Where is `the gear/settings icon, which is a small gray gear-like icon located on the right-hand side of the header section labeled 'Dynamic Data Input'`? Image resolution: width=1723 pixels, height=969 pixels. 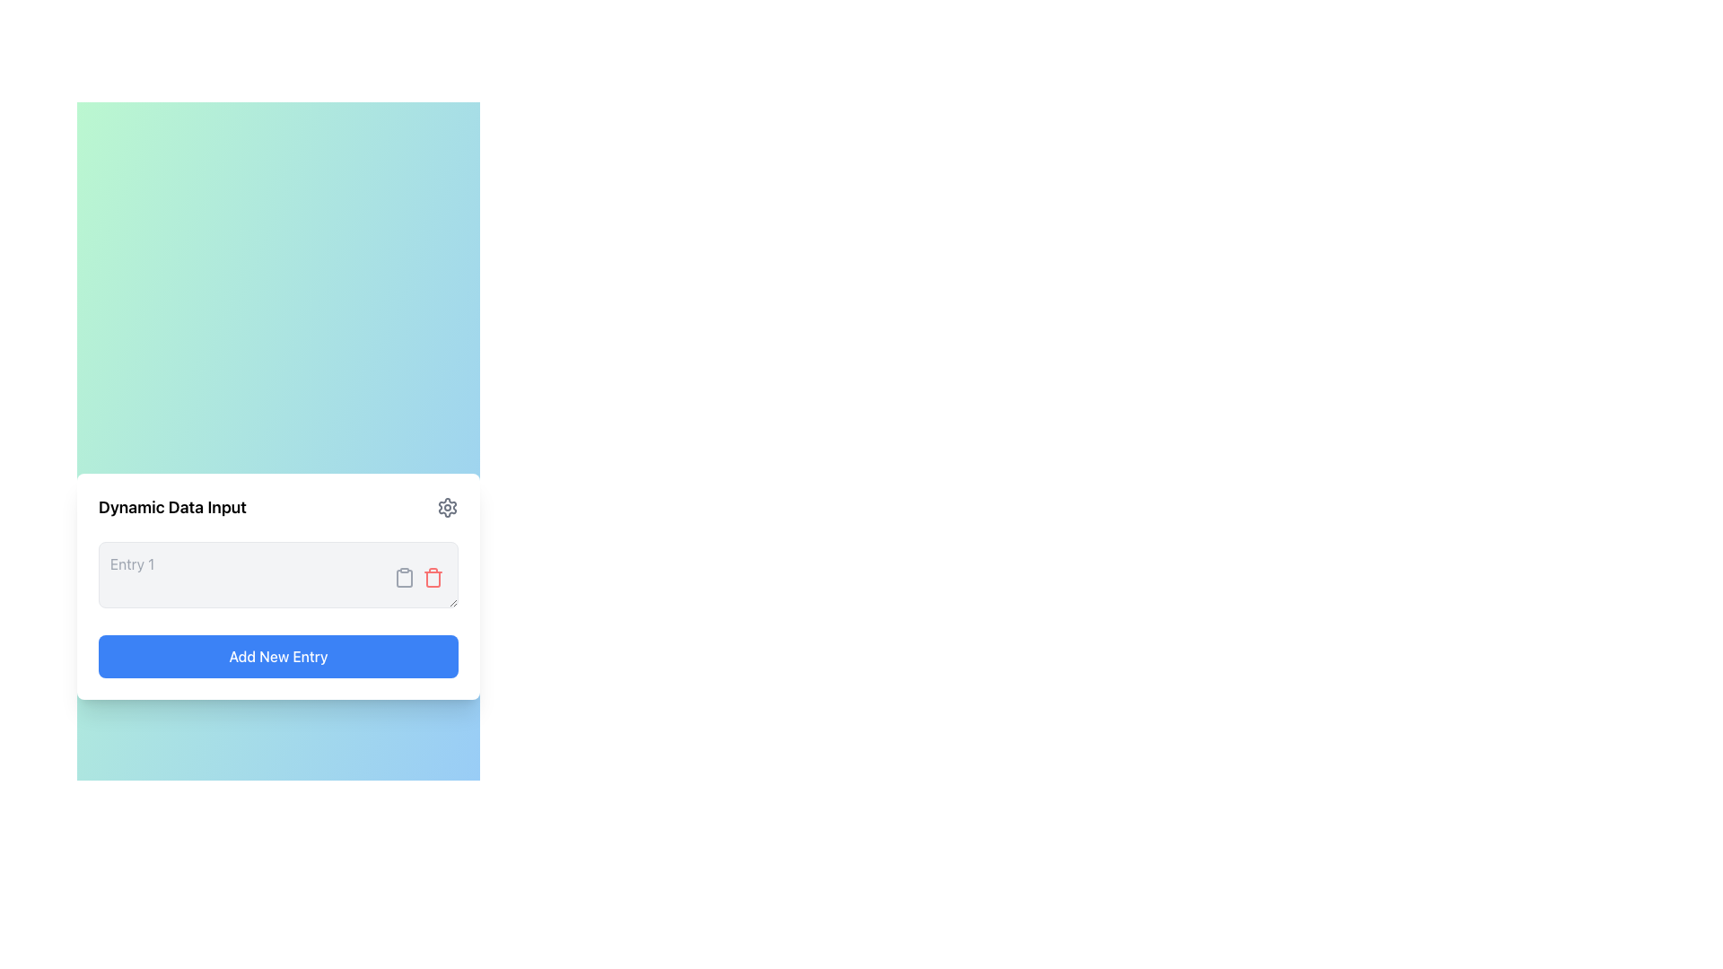
the gear/settings icon, which is a small gray gear-like icon located on the right-hand side of the header section labeled 'Dynamic Data Input' is located at coordinates (448, 508).